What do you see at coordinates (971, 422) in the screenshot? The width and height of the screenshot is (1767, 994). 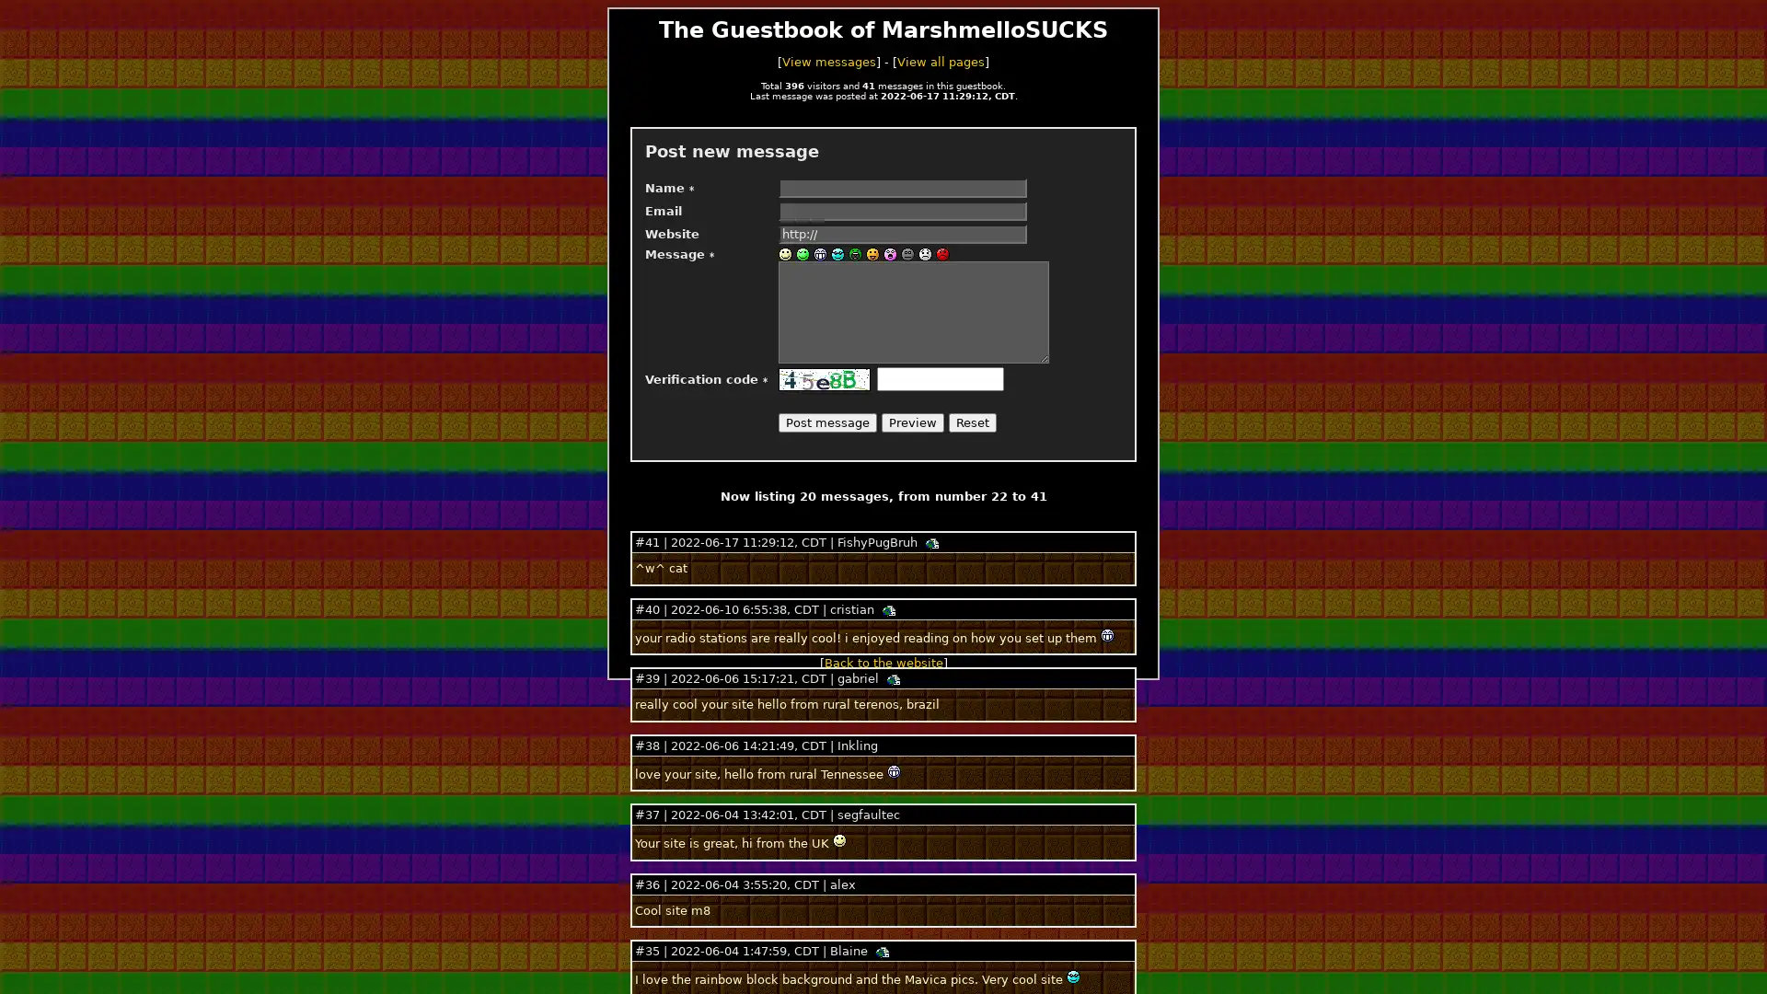 I see `Reset` at bounding box center [971, 422].